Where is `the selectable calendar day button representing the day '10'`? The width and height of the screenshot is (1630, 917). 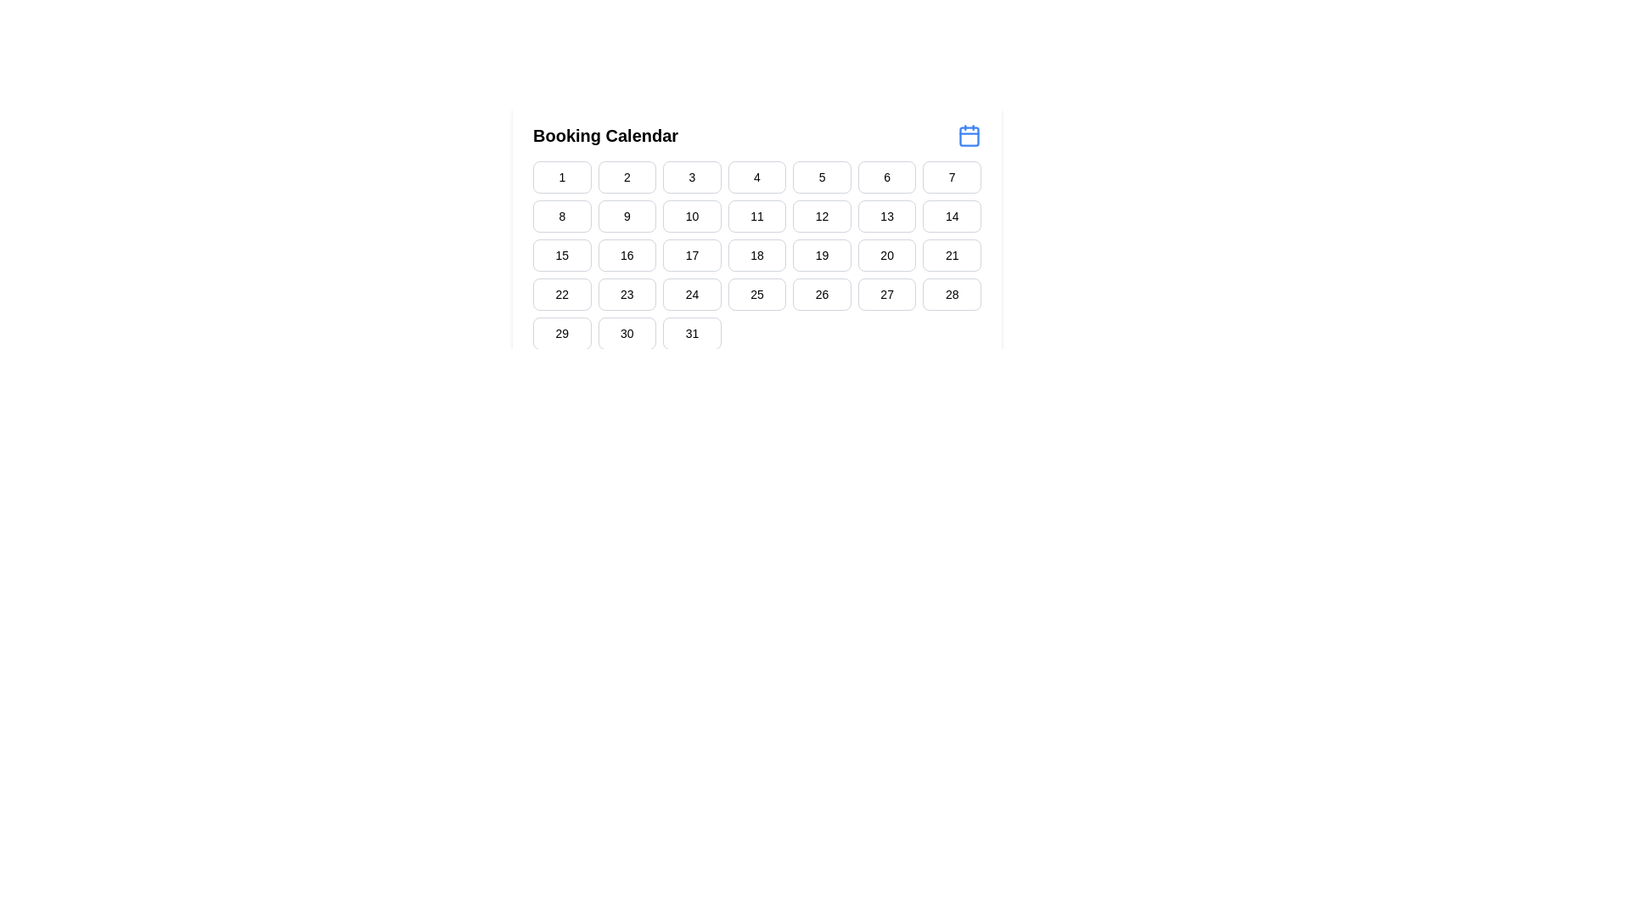
the selectable calendar day button representing the day '10' is located at coordinates (692, 215).